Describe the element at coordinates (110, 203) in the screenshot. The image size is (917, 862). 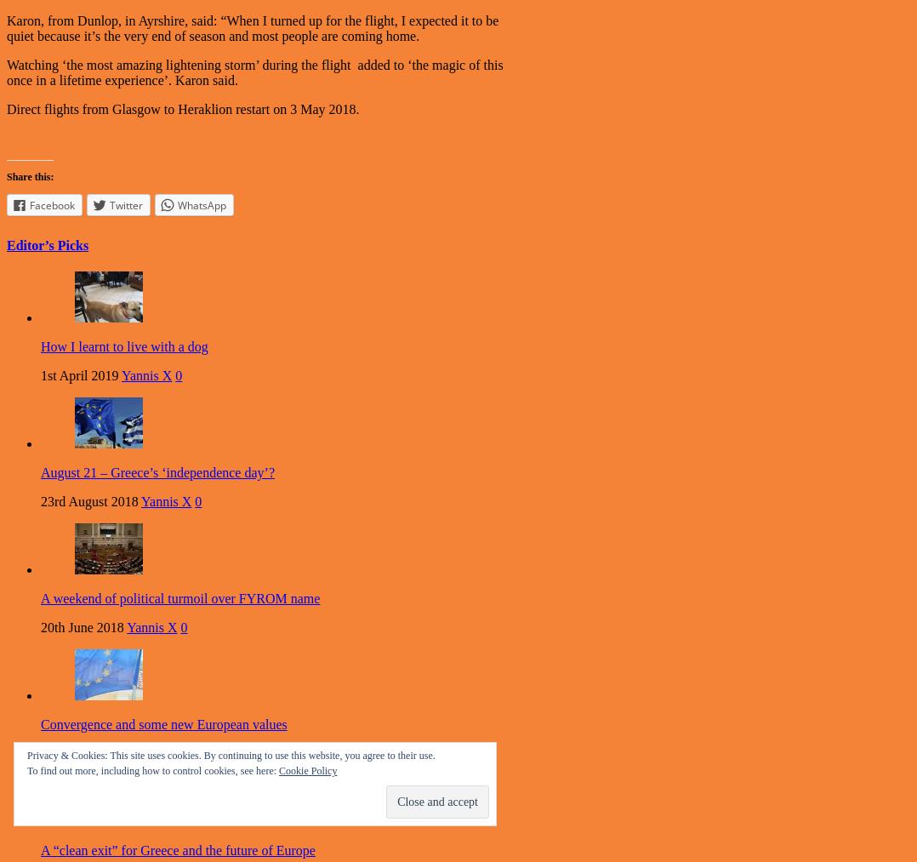
I see `'Twitter'` at that location.